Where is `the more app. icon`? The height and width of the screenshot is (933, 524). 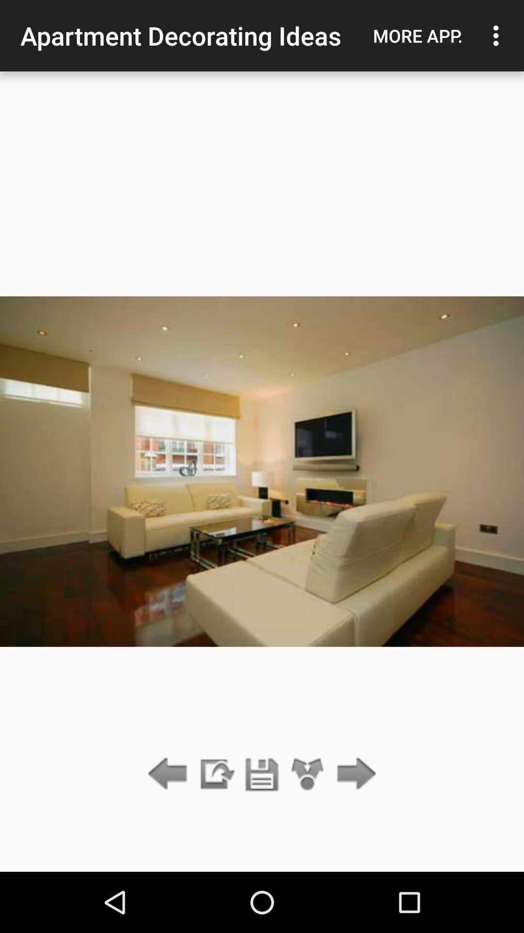 the more app. icon is located at coordinates (417, 35).